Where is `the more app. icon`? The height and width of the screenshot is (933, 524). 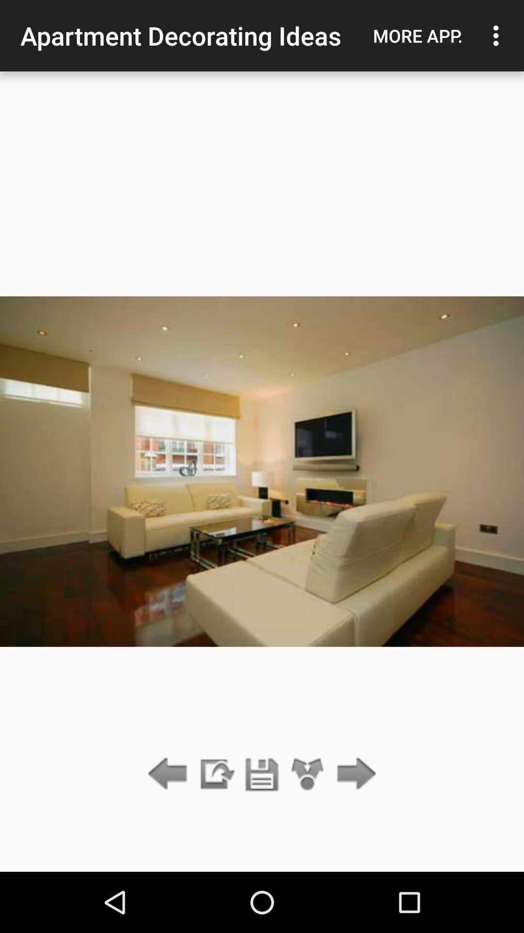 the more app. icon is located at coordinates (417, 35).